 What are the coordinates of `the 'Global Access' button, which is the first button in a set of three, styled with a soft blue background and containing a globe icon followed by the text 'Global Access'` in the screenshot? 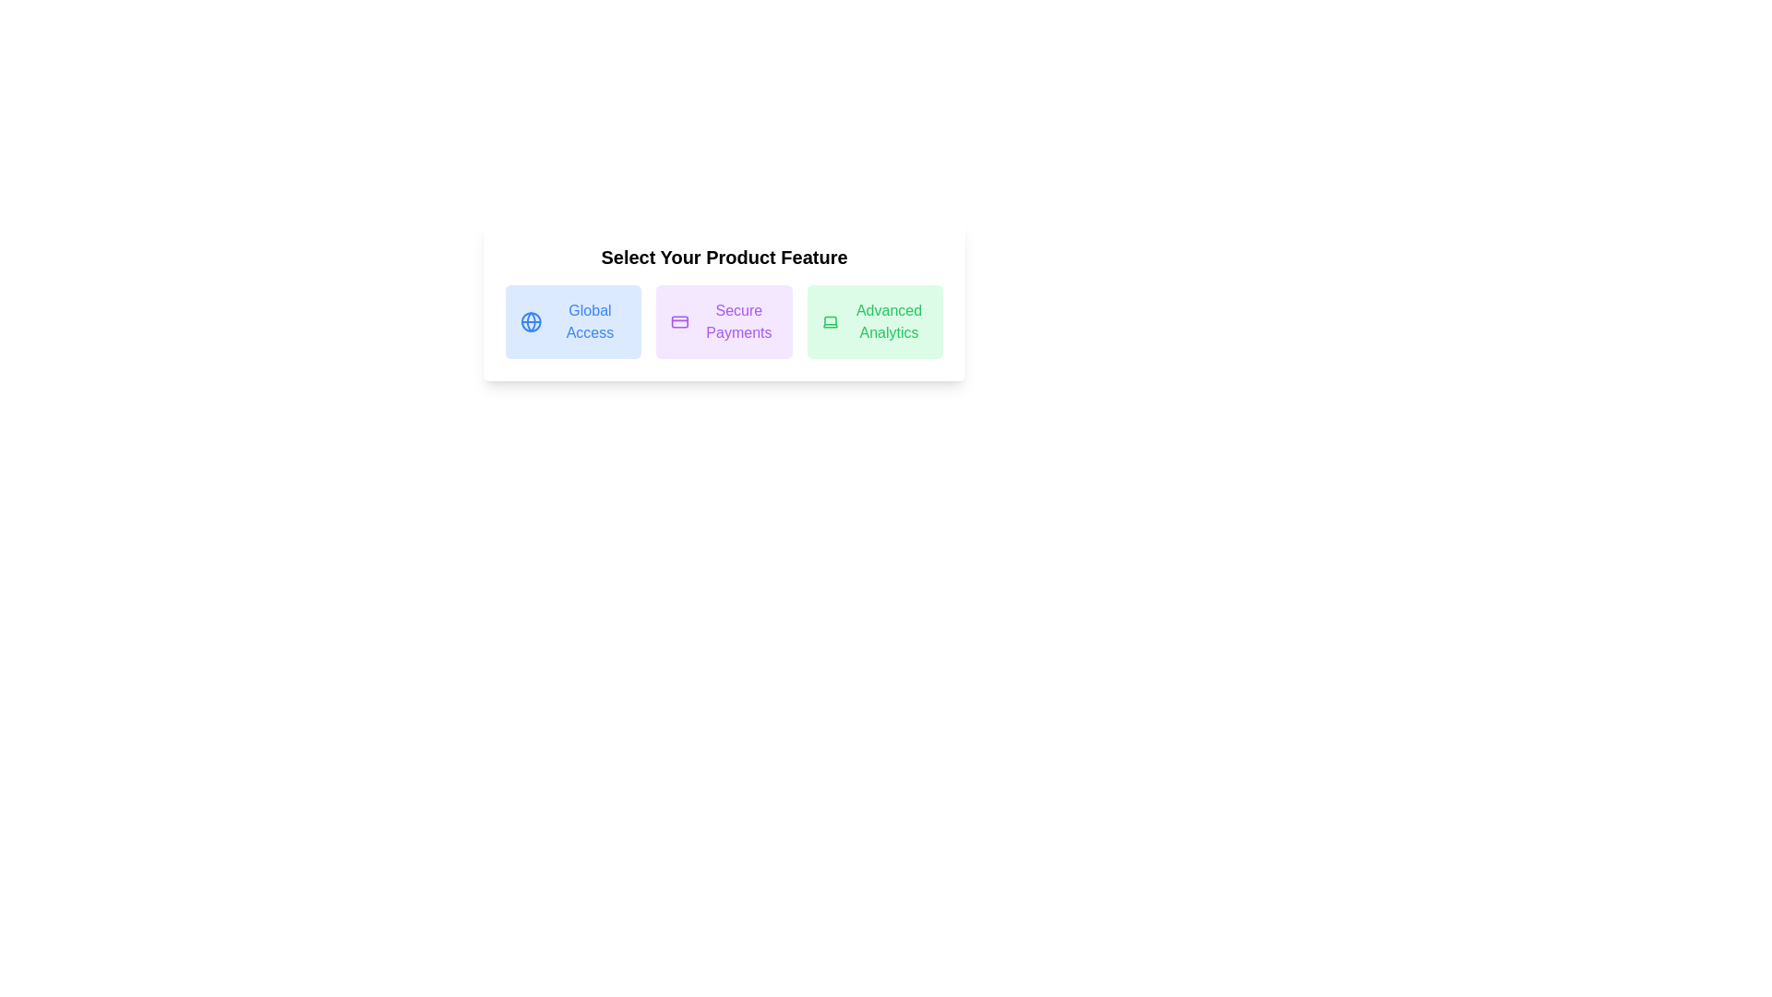 It's located at (572, 320).